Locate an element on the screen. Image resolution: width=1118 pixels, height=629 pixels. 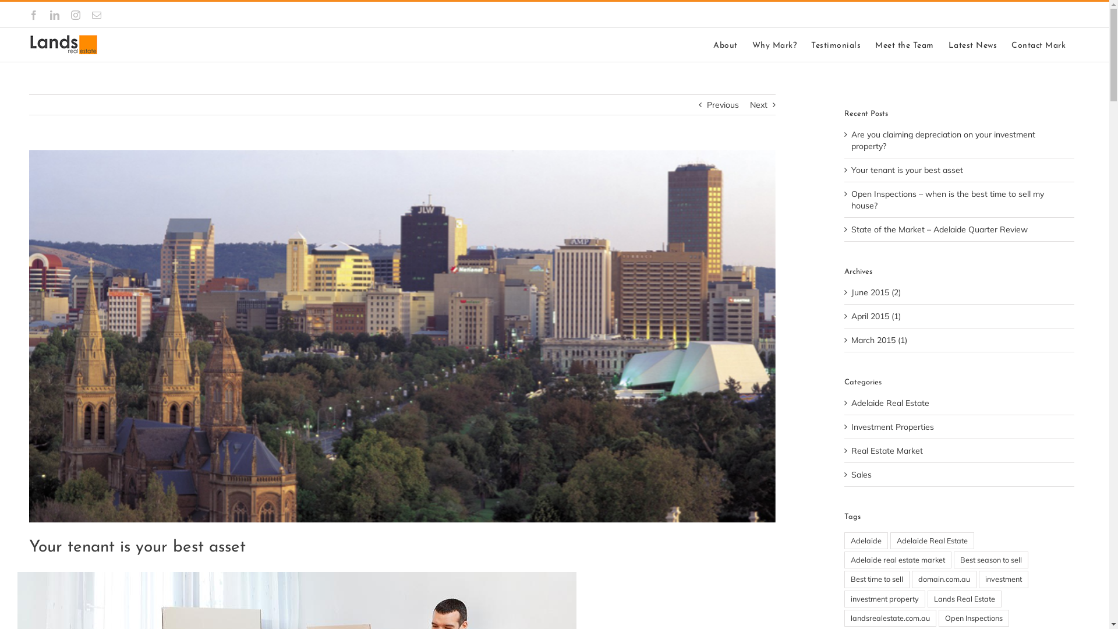
'Testimonials' is located at coordinates (835, 44).